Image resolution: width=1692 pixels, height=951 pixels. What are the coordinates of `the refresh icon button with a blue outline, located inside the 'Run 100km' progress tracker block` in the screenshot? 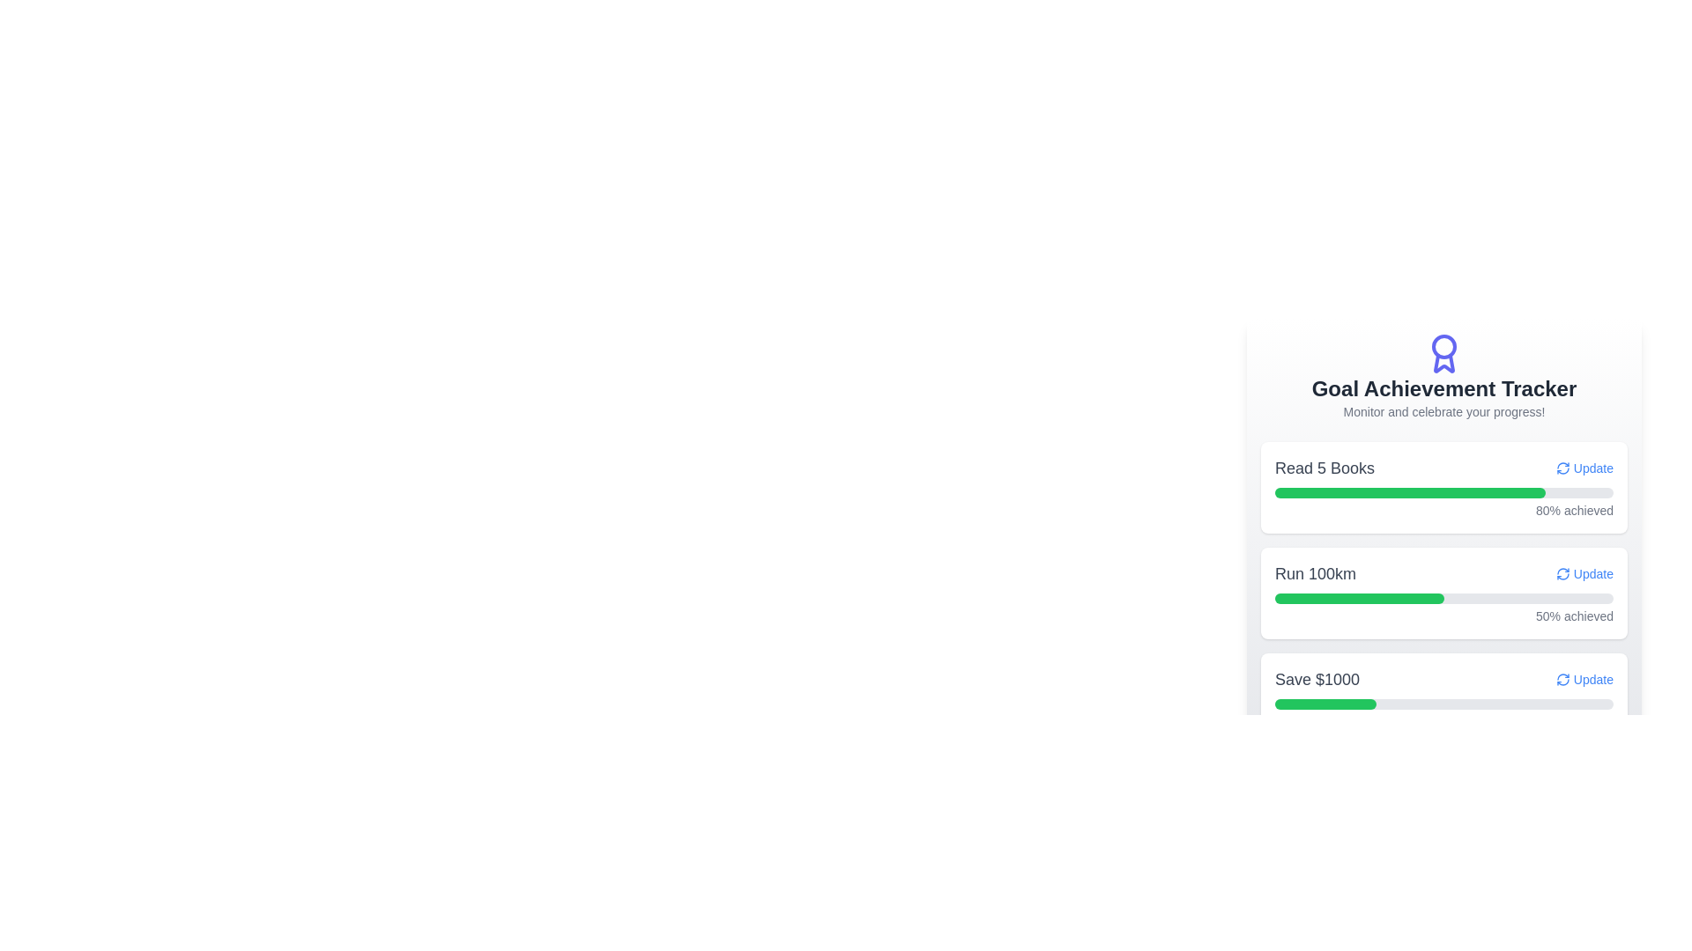 It's located at (1562, 573).